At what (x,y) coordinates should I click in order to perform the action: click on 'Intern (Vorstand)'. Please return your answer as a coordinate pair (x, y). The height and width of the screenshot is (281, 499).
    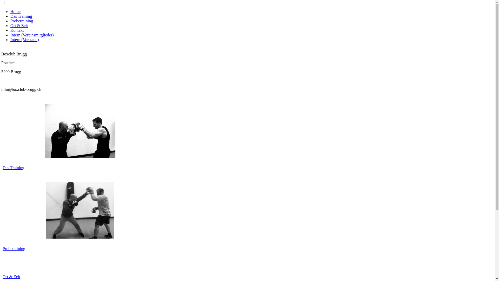
    Looking at the image, I should click on (24, 39).